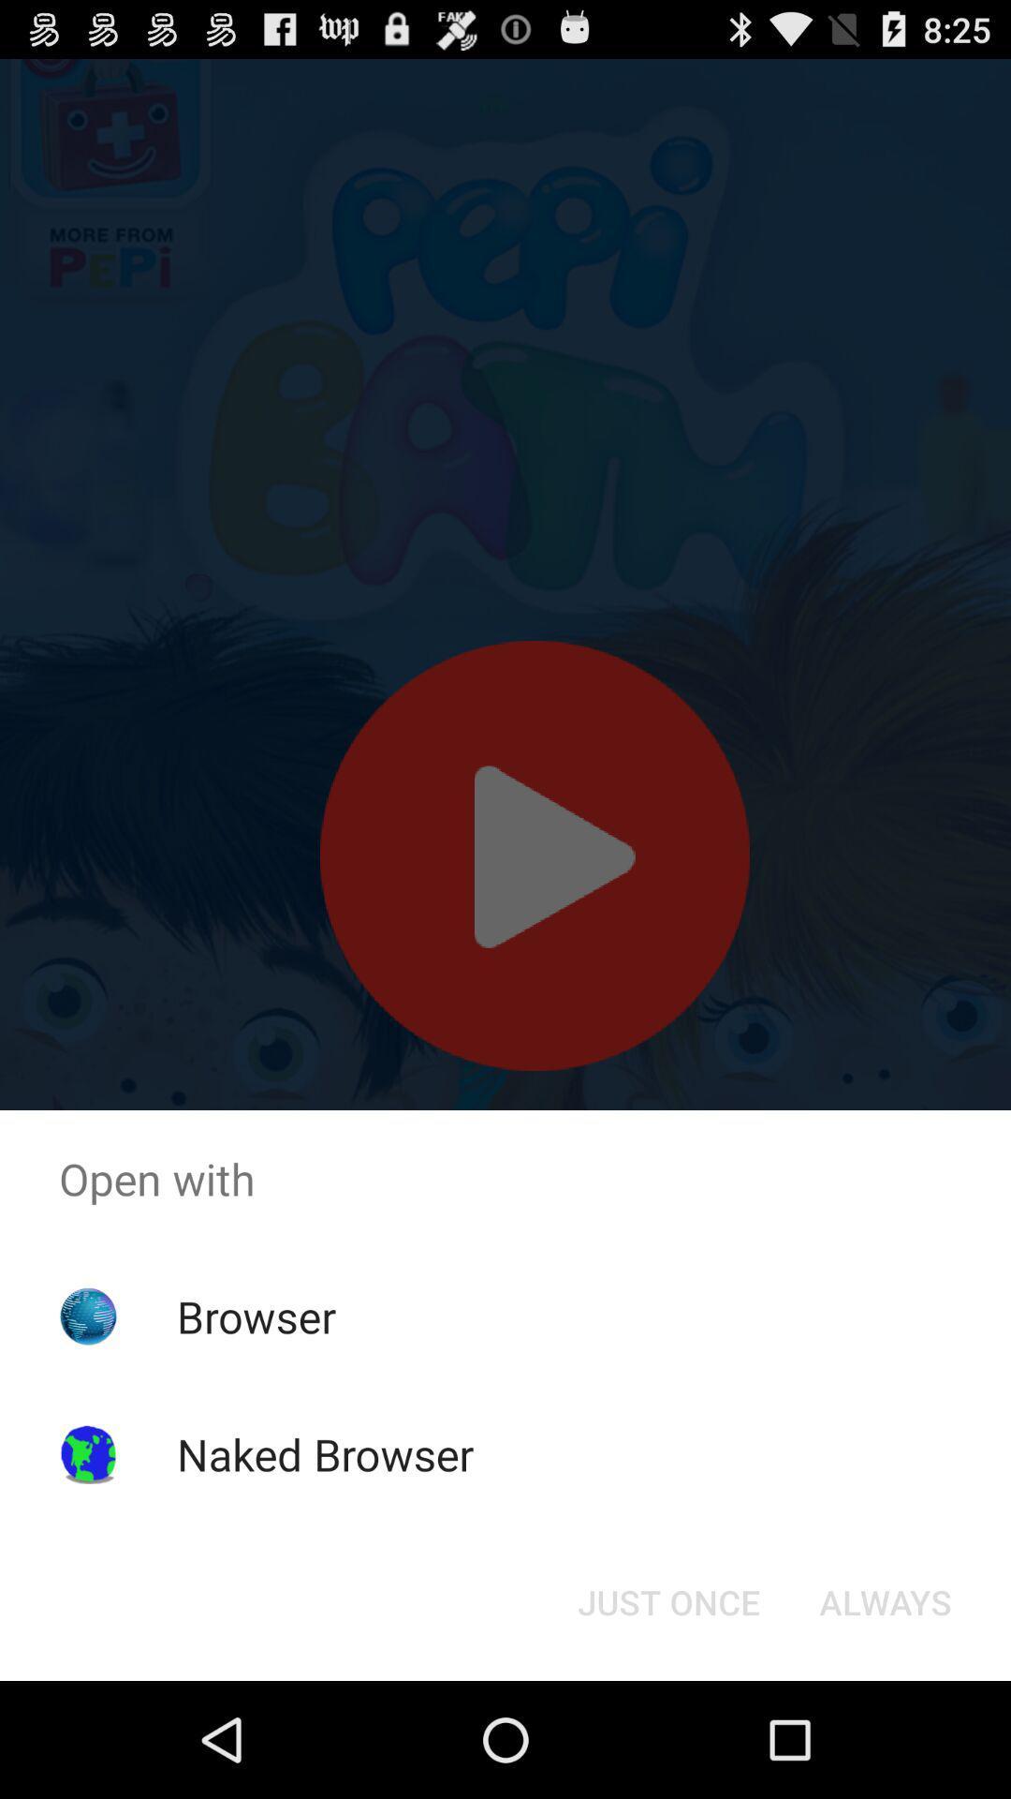 This screenshot has height=1799, width=1011. Describe the element at coordinates (667, 1600) in the screenshot. I see `the just once icon` at that location.